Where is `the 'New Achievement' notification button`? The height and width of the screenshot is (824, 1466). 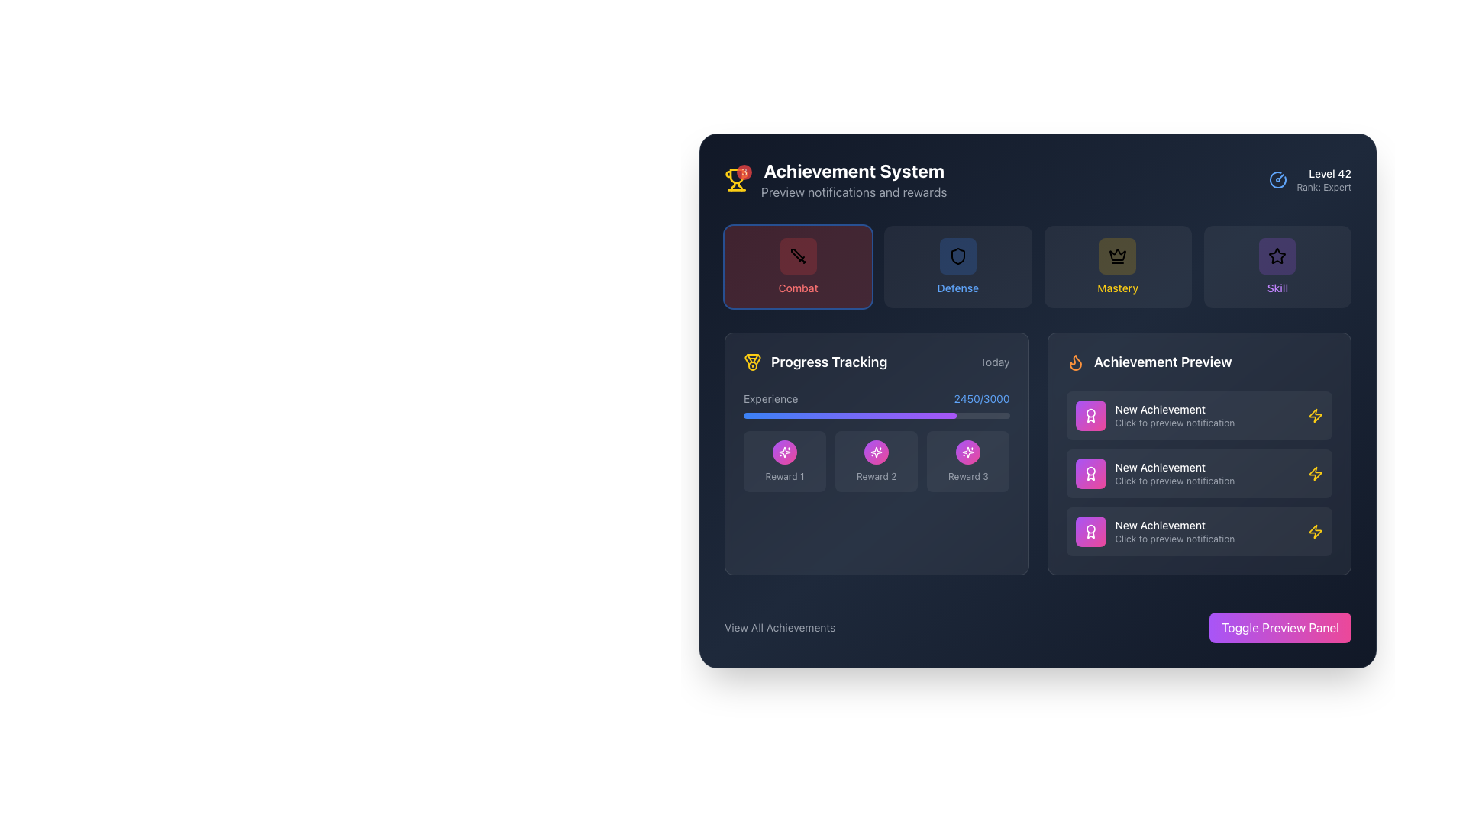 the 'New Achievement' notification button is located at coordinates (1198, 415).